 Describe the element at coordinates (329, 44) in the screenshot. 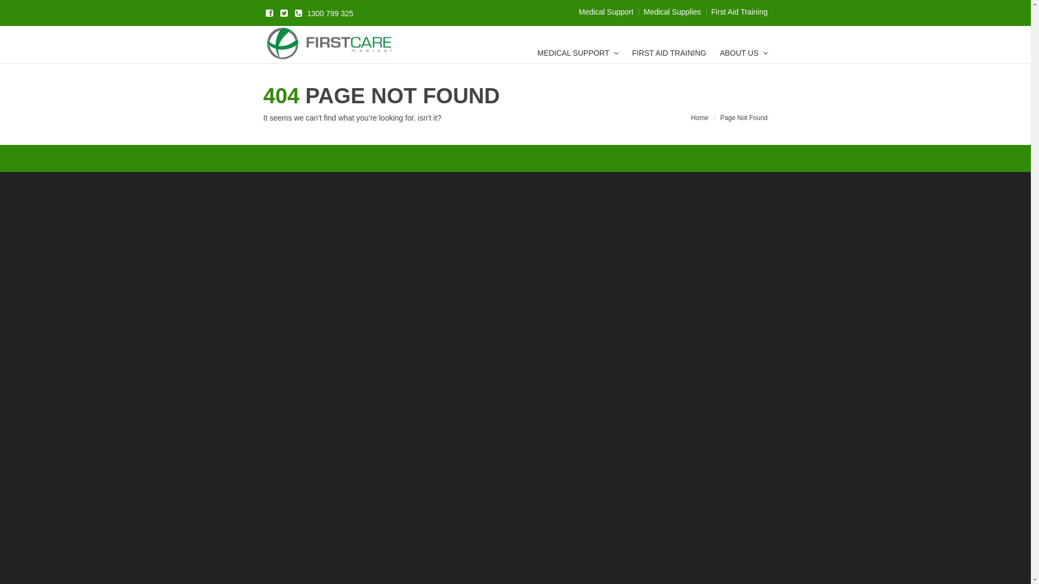

I see `'First Care Medical'` at that location.